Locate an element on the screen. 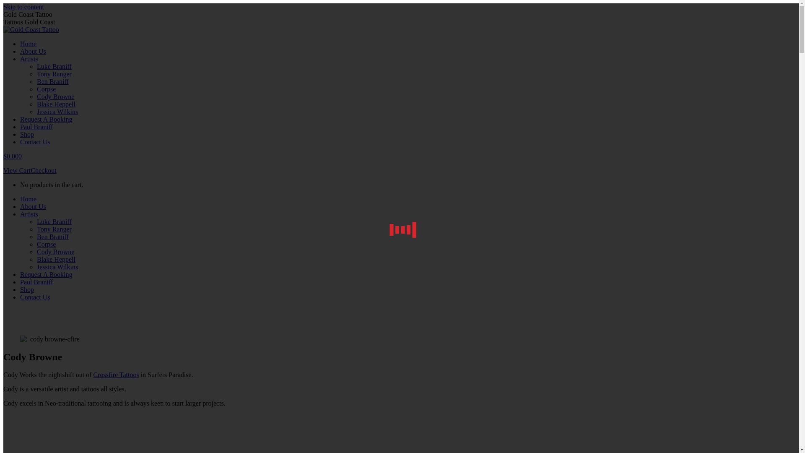 This screenshot has height=453, width=805. 'Tony Ranger' is located at coordinates (36, 229).